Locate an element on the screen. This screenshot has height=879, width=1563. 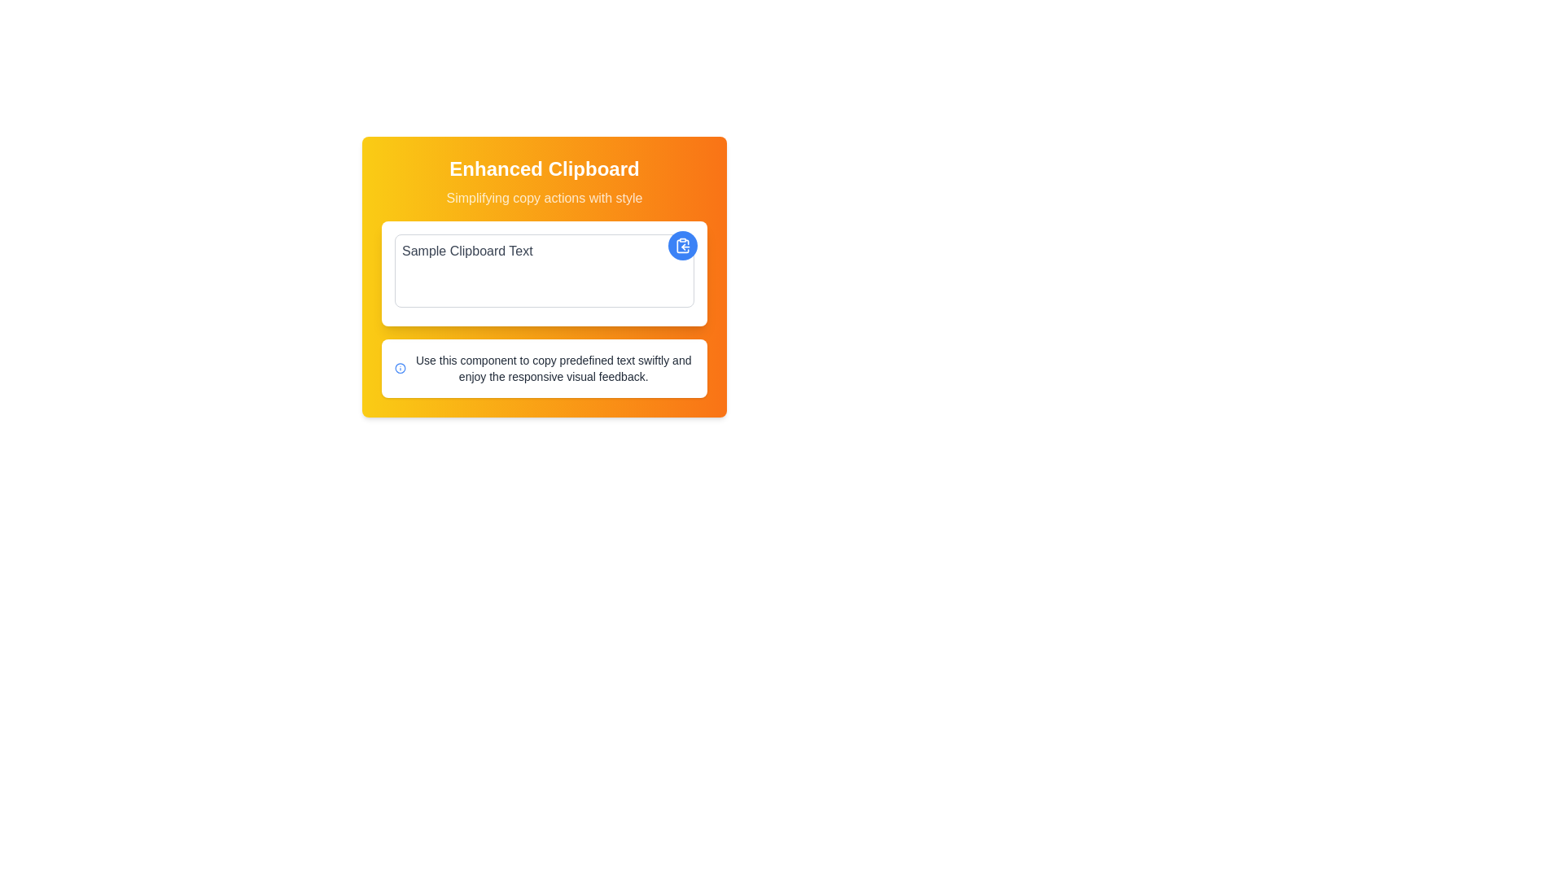
the clipboard icon with a minimalist line style located at the top-right corner of the 'Enhanced Clipboard' component to copy is located at coordinates (683, 245).